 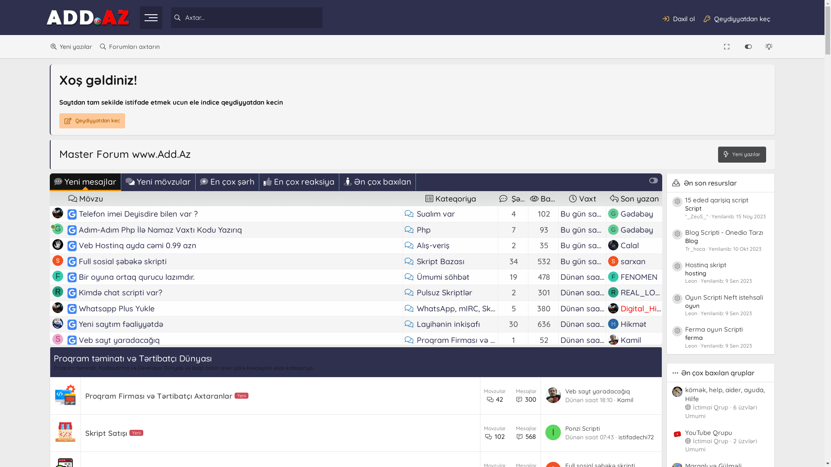 What do you see at coordinates (724, 297) in the screenshot?
I see `'Oyun Scripti Neft istehsali'` at bounding box center [724, 297].